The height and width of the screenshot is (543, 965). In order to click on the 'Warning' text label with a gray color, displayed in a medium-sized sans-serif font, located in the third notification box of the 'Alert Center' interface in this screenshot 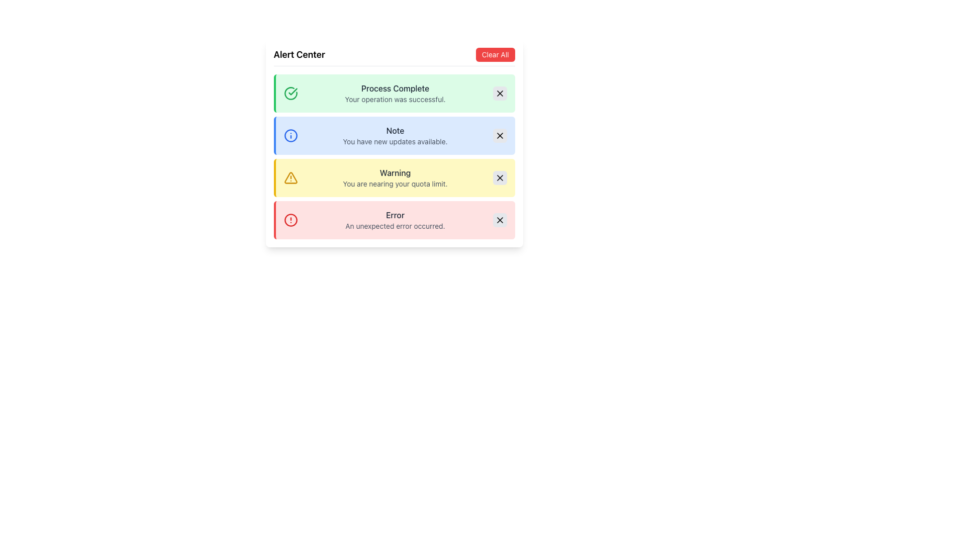, I will do `click(395, 172)`.